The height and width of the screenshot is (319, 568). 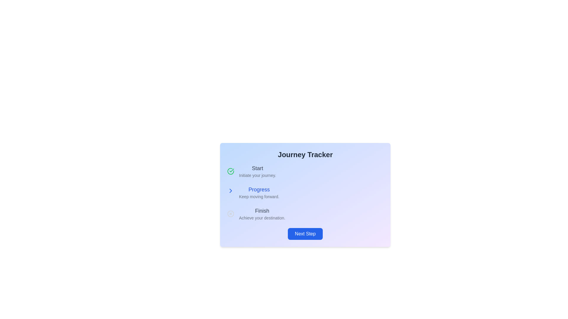 What do you see at coordinates (262, 218) in the screenshot?
I see `the text label displaying 'Achieve your destination.' which is styled in small, gray text and positioned under the 'Finish' label within the 'Journey Tracker' card` at bounding box center [262, 218].